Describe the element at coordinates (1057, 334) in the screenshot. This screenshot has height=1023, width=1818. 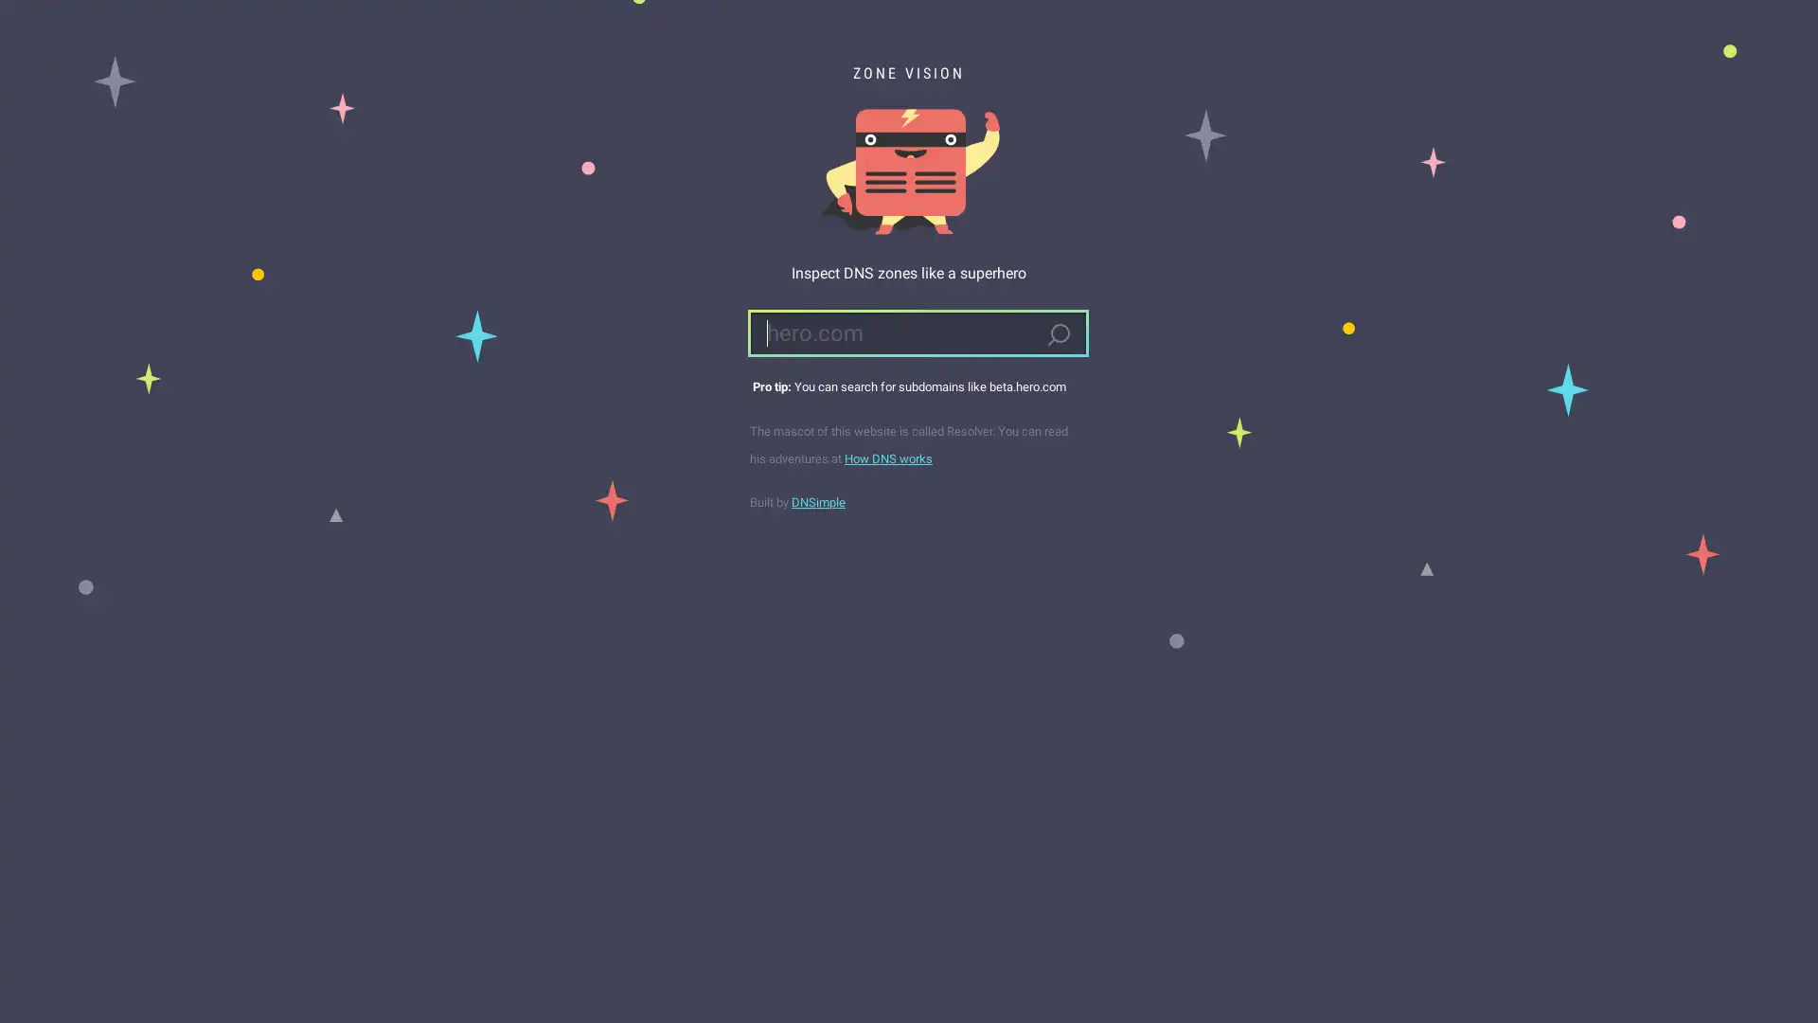
I see `Submit` at that location.